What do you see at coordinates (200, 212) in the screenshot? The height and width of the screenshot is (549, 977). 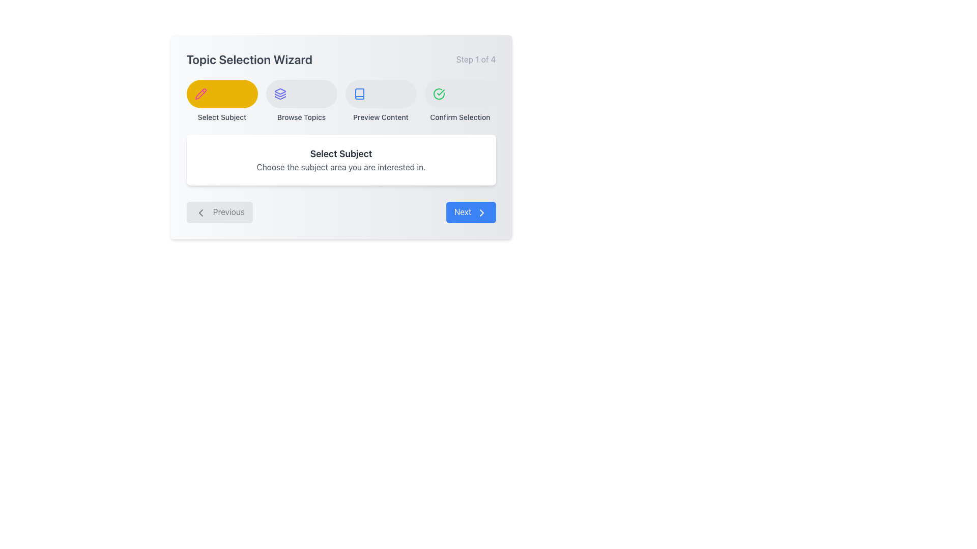 I see `the left-pointing chevron icon within the 'Previous' button located at the bottom-left of the main interface` at bounding box center [200, 212].